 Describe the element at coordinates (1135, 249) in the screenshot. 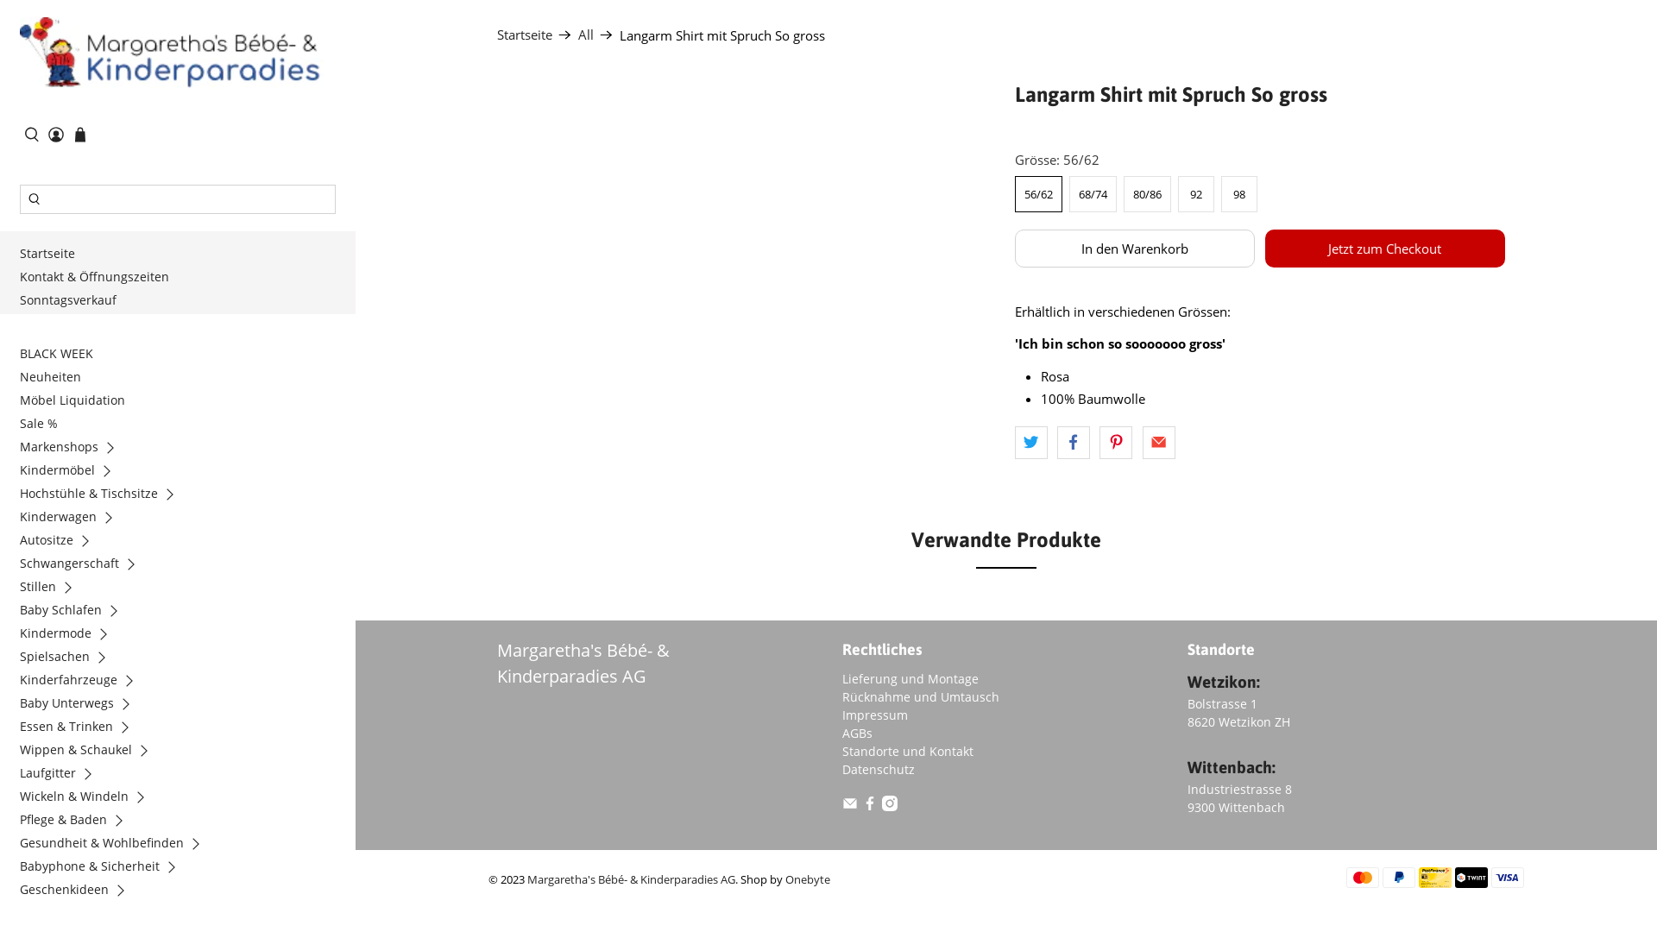

I see `'In den Warenkorb'` at that location.